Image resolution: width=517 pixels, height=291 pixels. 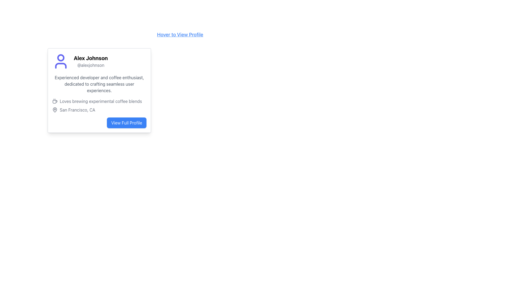 What do you see at coordinates (55, 110) in the screenshot?
I see `the location marker icon associated with the text 'San Francisco, CA', which is located on the left side of the text within the lower section of the user information card` at bounding box center [55, 110].